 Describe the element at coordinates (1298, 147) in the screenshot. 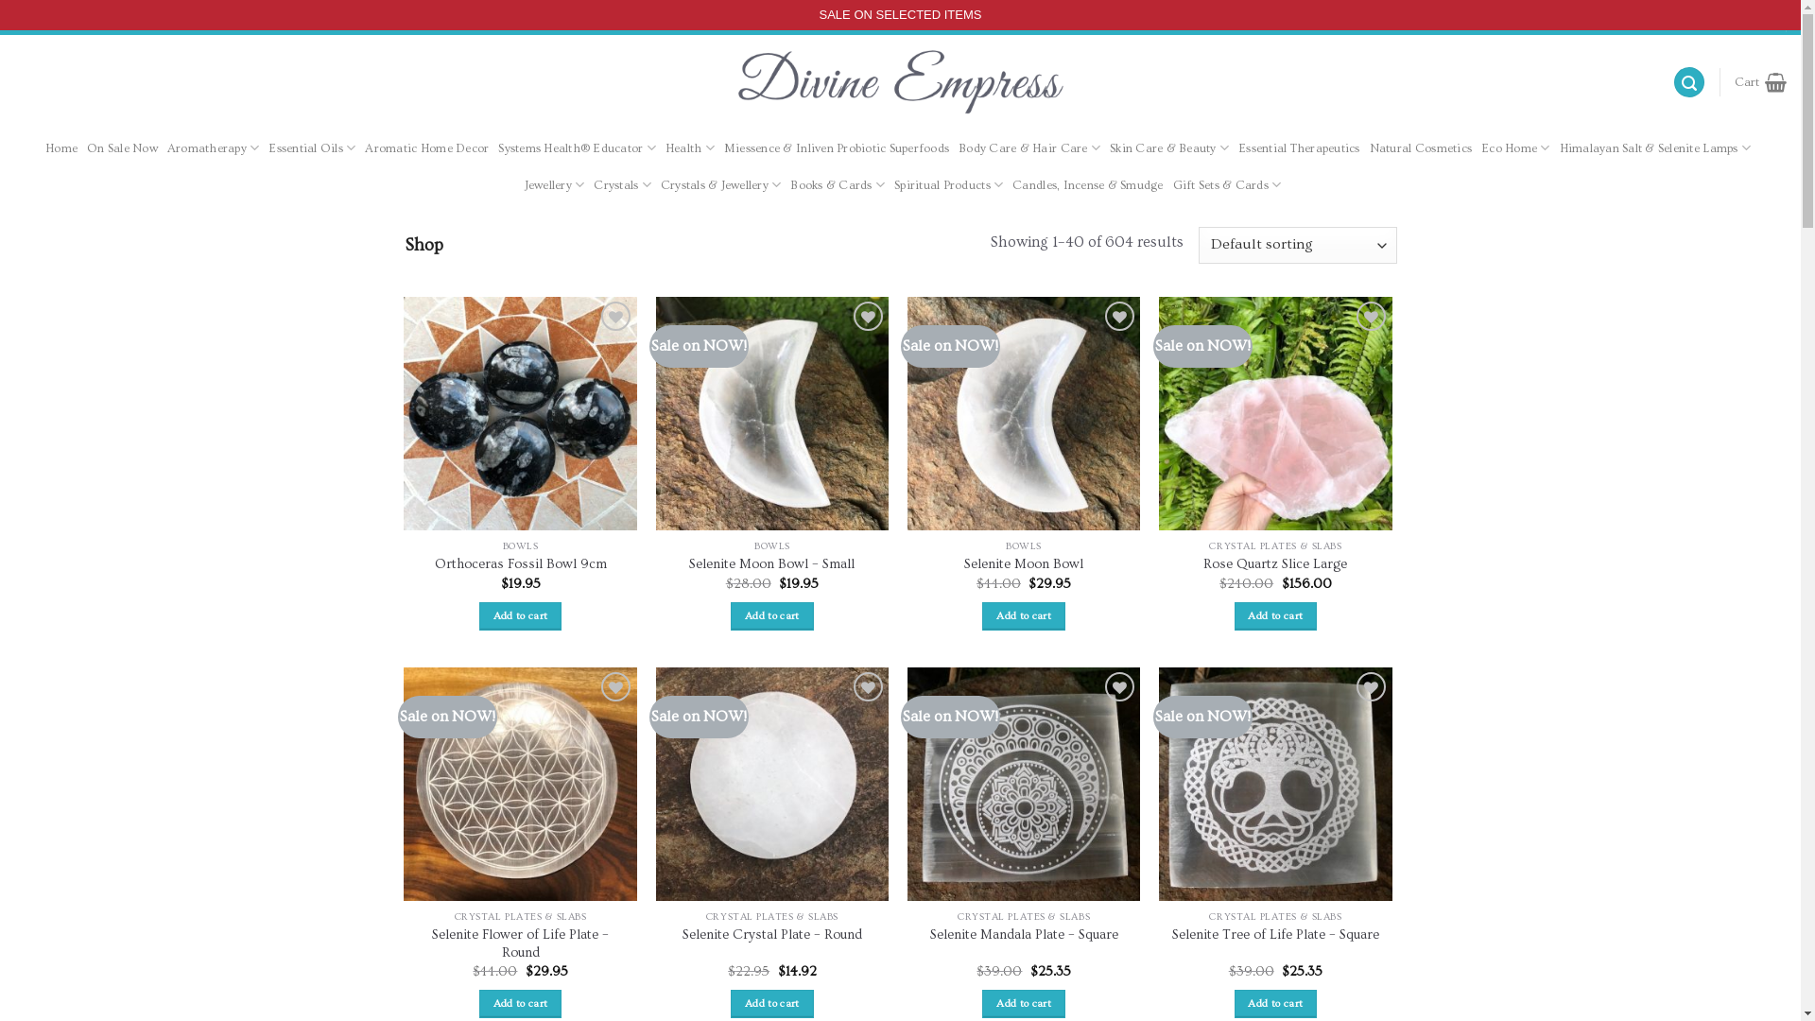

I see `'Essential Therapeutics'` at that location.